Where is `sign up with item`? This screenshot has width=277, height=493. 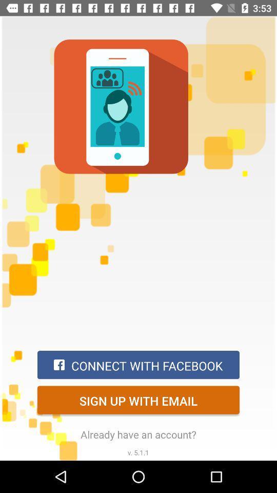 sign up with item is located at coordinates (138, 400).